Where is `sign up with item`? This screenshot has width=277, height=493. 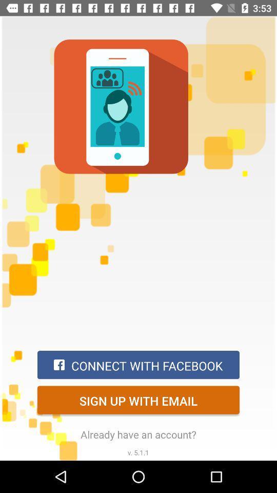 sign up with item is located at coordinates (138, 400).